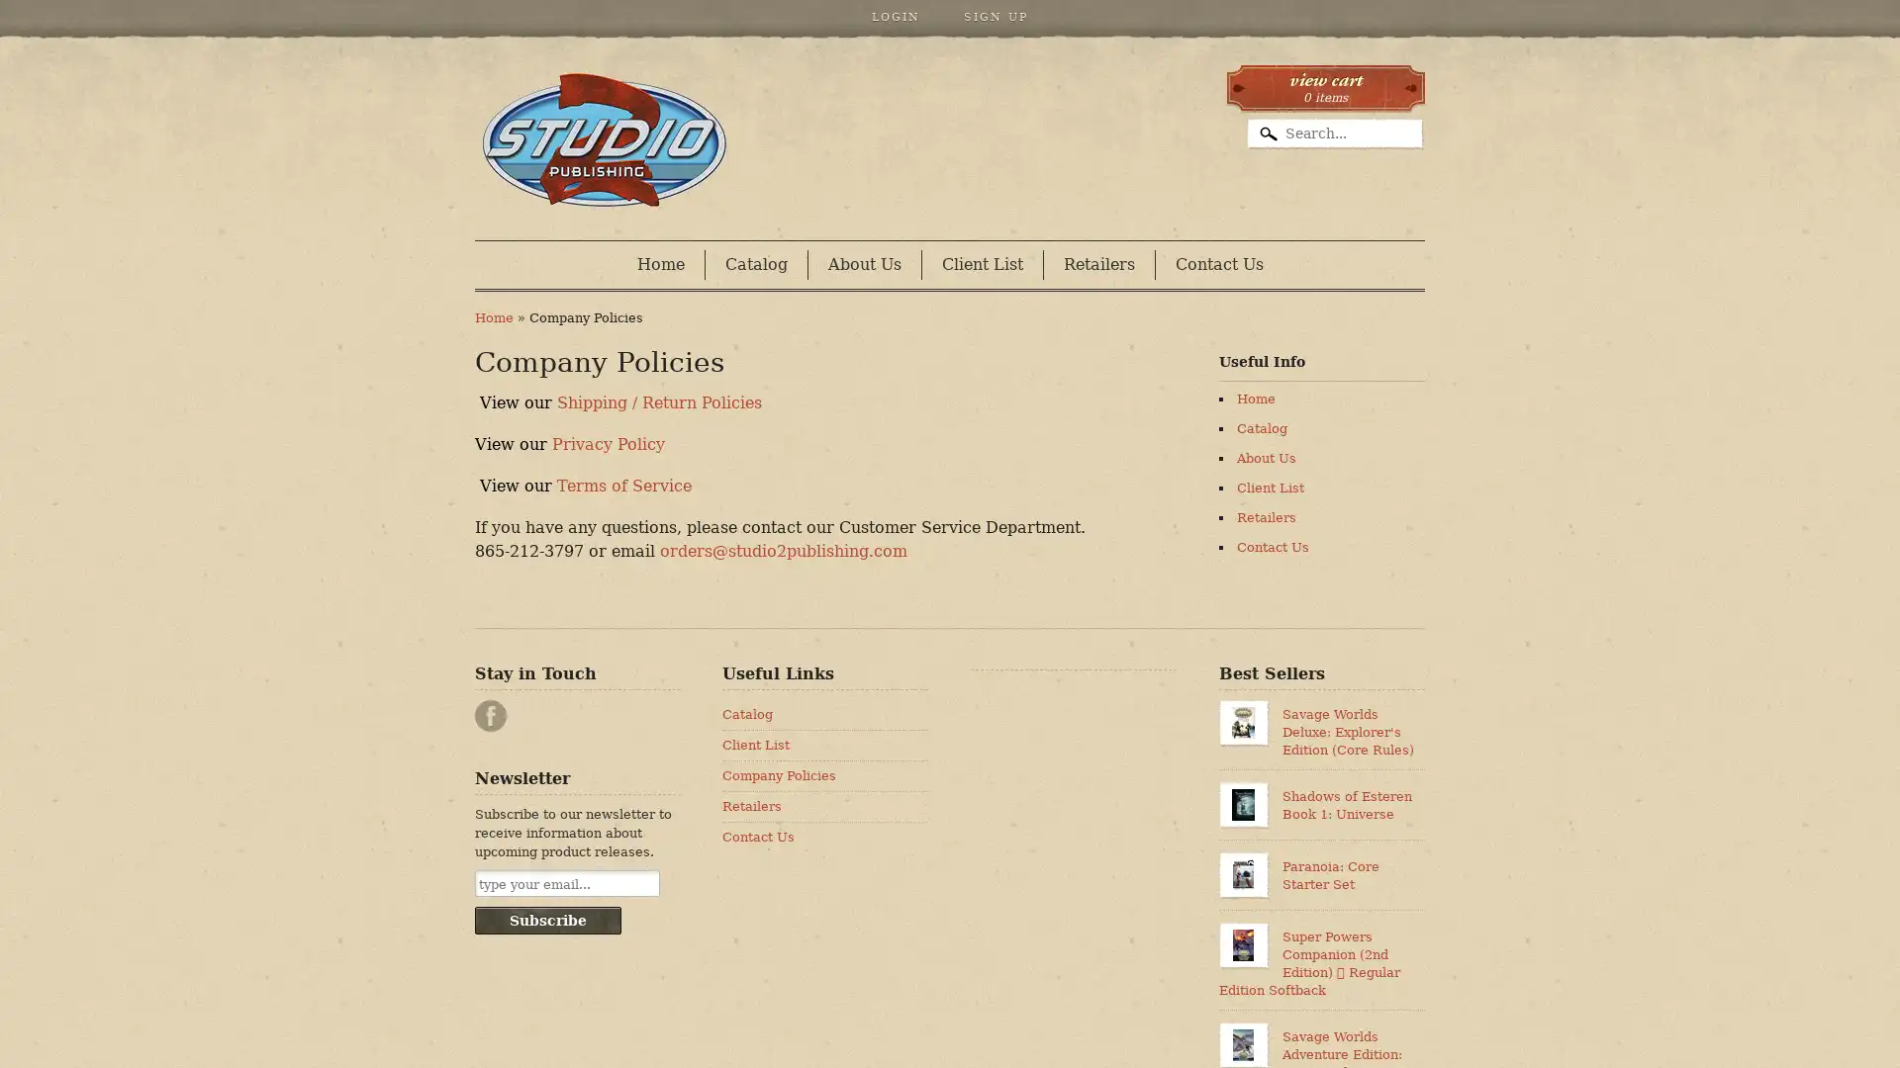 The image size is (1900, 1068). Describe the element at coordinates (547, 920) in the screenshot. I see `Subscribe` at that location.